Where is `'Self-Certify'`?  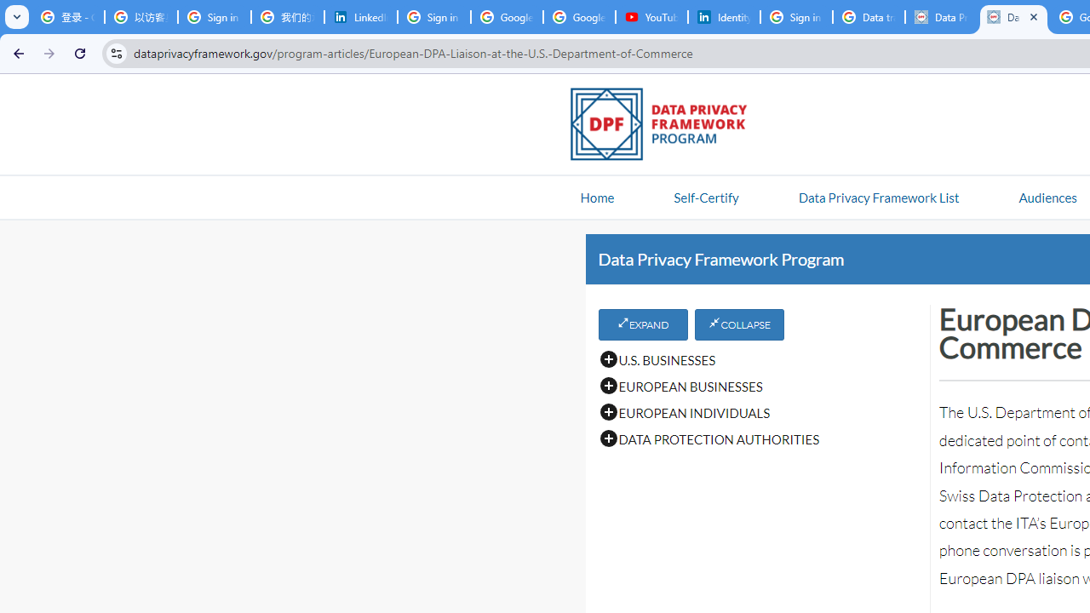
'Self-Certify' is located at coordinates (706, 196).